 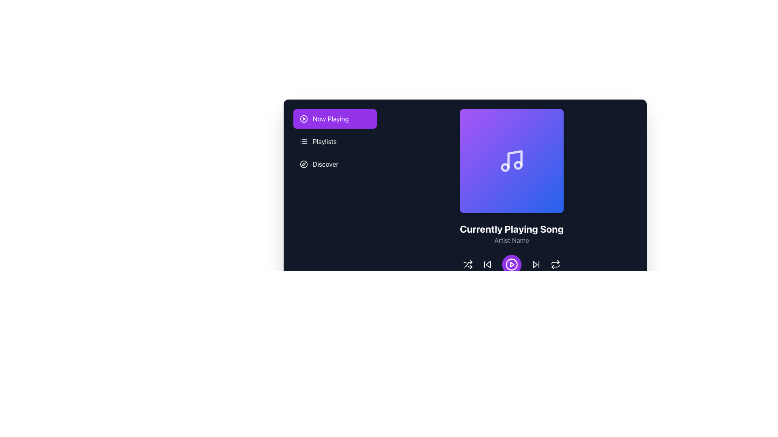 I want to click on text displayed in the bold, large-size text label that says 'Currently Playing Song', which is centered above the 'Artist Name' text in the content area, so click(x=511, y=229).